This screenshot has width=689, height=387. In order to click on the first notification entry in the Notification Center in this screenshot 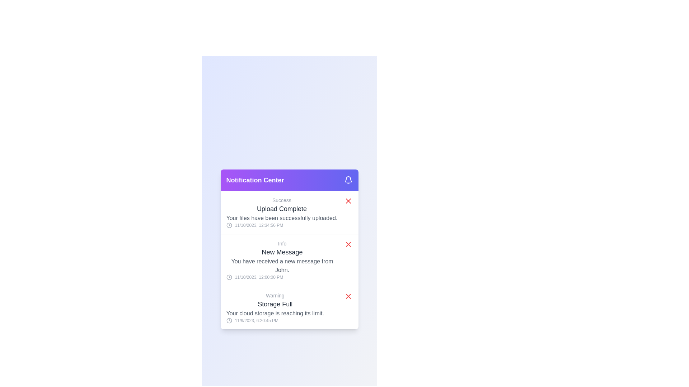, I will do `click(289, 212)`.